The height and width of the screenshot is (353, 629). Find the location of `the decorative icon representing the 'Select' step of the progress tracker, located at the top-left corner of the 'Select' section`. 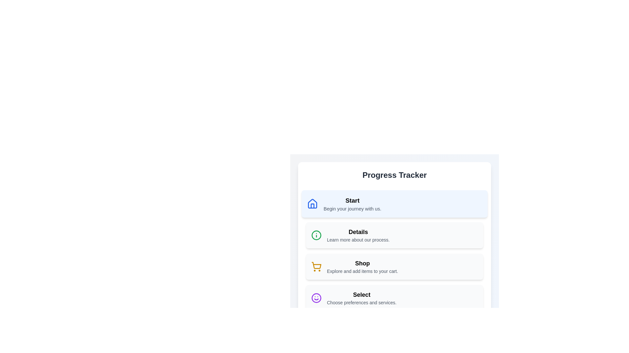

the decorative icon representing the 'Select' step of the progress tracker, located at the top-left corner of the 'Select' section is located at coordinates (316, 298).